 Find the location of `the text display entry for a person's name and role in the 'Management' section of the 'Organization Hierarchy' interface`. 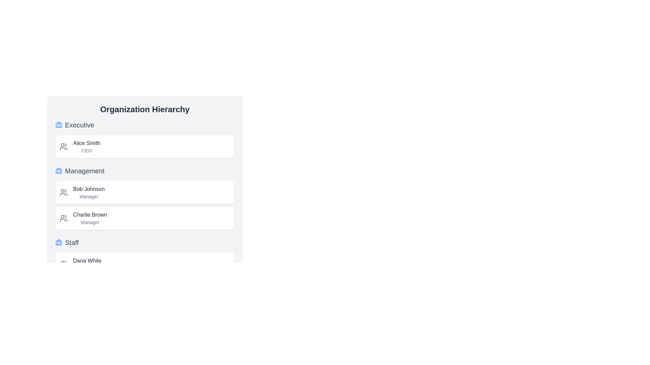

the text display entry for a person's name and role in the 'Management' section of the 'Organization Hierarchy' interface is located at coordinates (90, 218).